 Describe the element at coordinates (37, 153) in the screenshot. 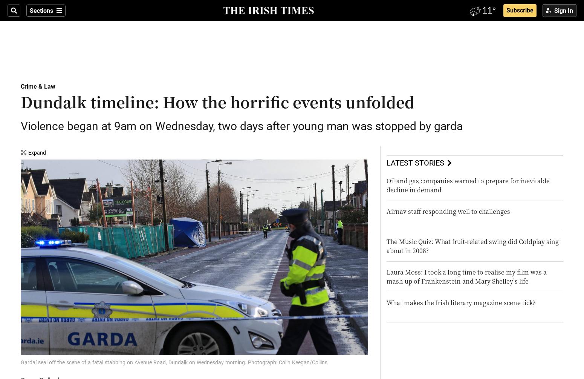

I see `'Expand'` at that location.